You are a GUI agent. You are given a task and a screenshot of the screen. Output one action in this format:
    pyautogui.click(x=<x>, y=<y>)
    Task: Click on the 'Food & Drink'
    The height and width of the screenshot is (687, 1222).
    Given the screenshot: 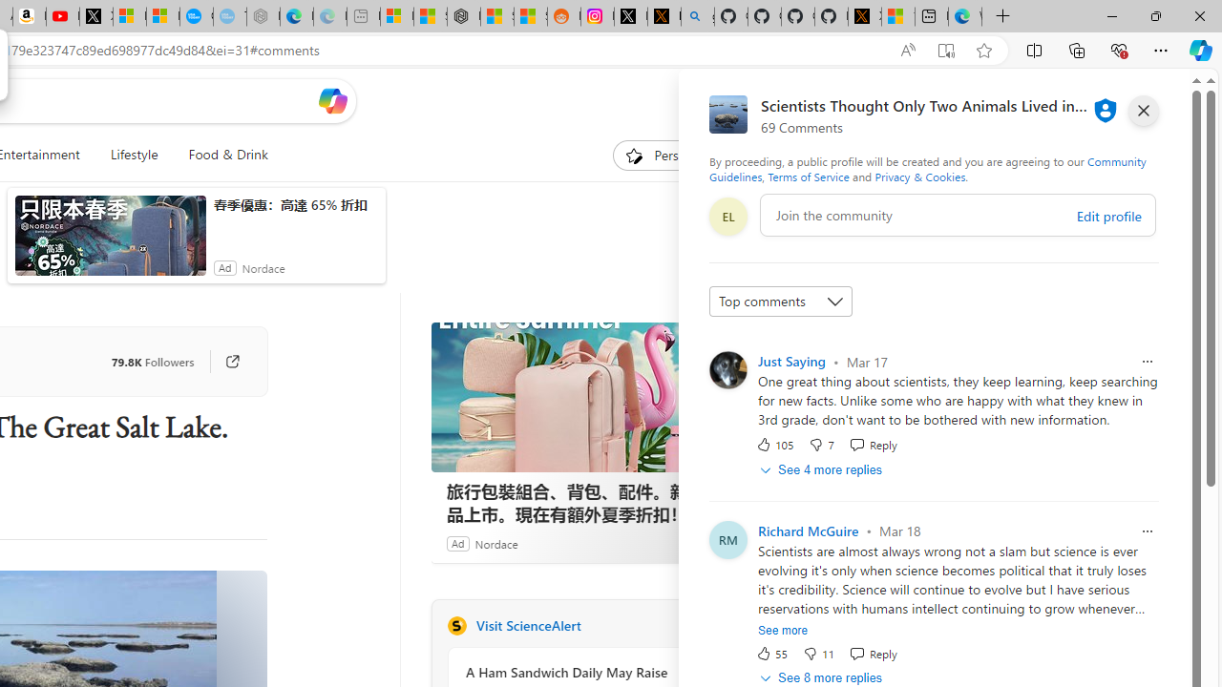 What is the action you would take?
    pyautogui.click(x=228, y=155)
    